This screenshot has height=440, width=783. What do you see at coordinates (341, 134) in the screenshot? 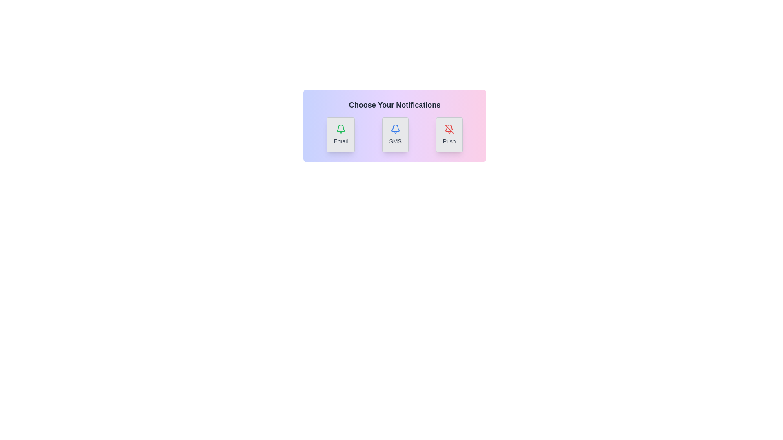
I see `the visual indicator for Email` at bounding box center [341, 134].